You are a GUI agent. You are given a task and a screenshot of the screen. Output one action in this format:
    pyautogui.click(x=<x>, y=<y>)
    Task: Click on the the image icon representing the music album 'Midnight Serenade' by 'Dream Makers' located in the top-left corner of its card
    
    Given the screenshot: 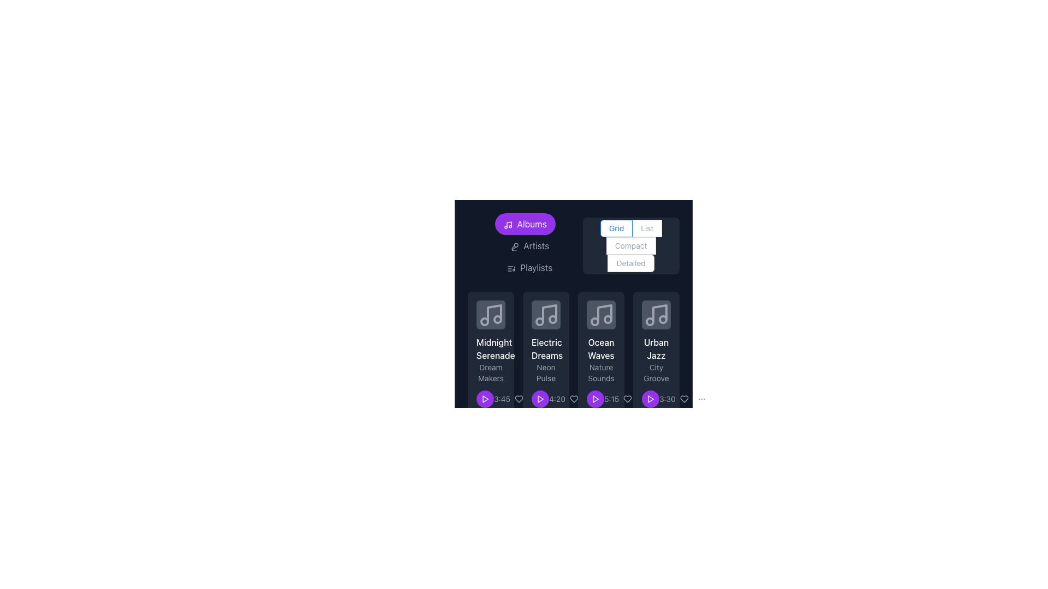 What is the action you would take?
    pyautogui.click(x=490, y=315)
    